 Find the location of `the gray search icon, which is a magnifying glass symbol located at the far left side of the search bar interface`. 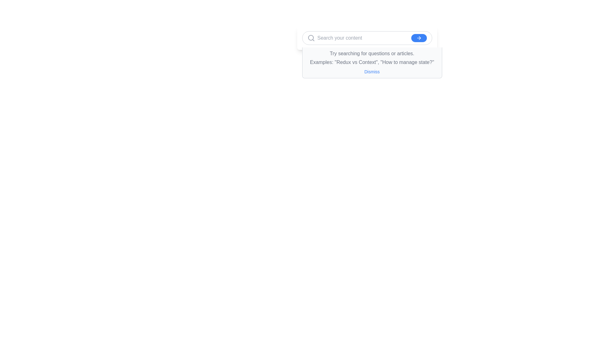

the gray search icon, which is a magnifying glass symbol located at the far left side of the search bar interface is located at coordinates (311, 38).